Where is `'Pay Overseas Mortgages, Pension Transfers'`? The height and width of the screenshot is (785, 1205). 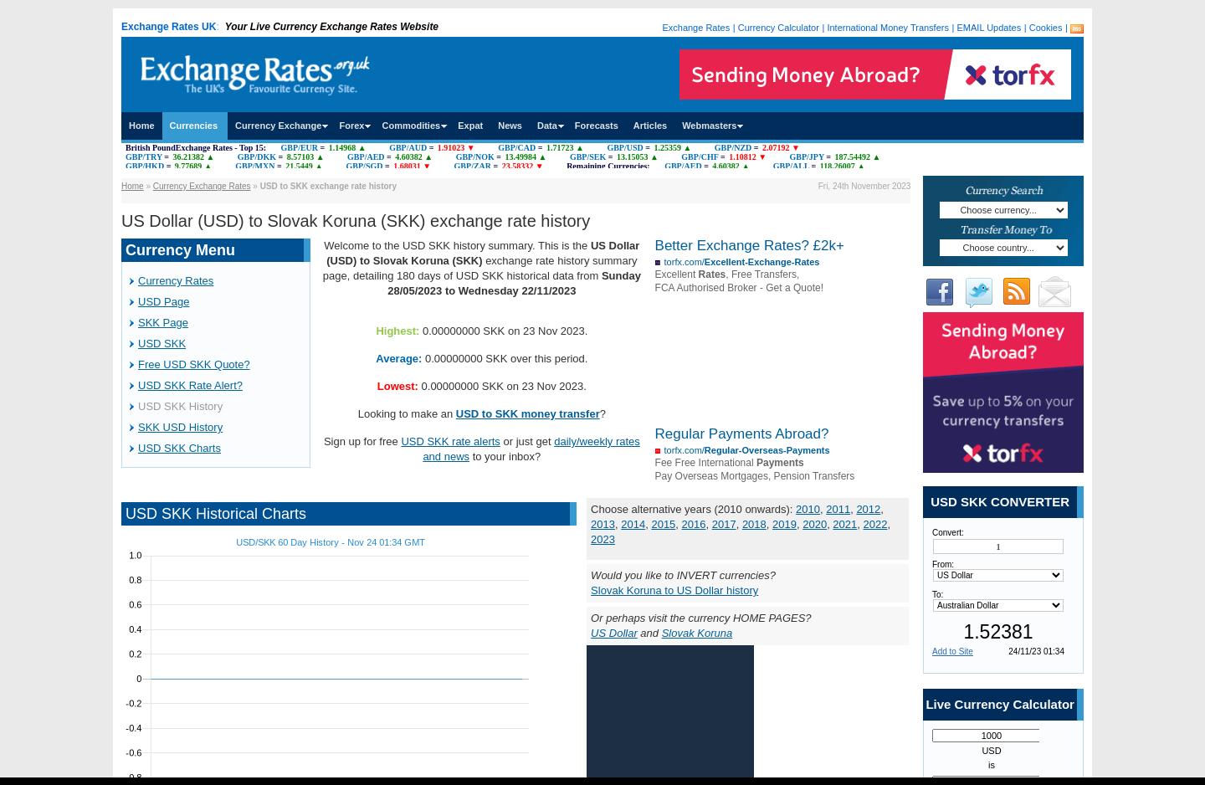
'Pay Overseas Mortgages, Pension Transfers' is located at coordinates (654, 475).